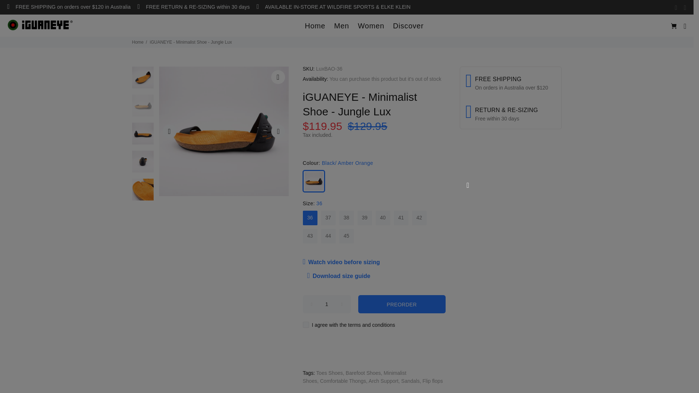  I want to click on 'Women', so click(353, 25).